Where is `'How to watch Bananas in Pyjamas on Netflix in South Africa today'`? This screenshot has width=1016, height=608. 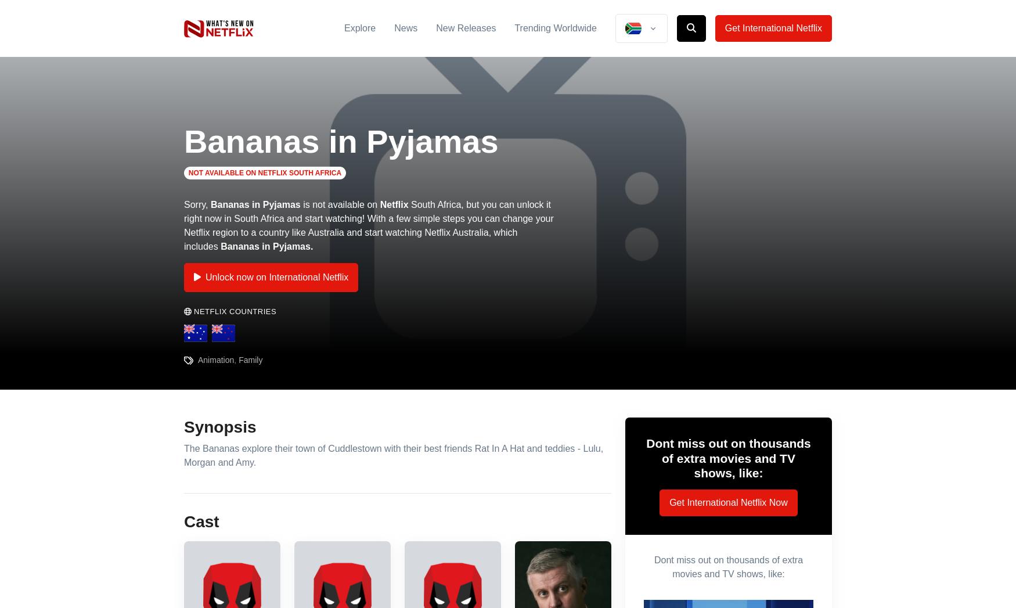 'How to watch Bananas in Pyjamas on Netflix in South Africa today' is located at coordinates (384, 272).